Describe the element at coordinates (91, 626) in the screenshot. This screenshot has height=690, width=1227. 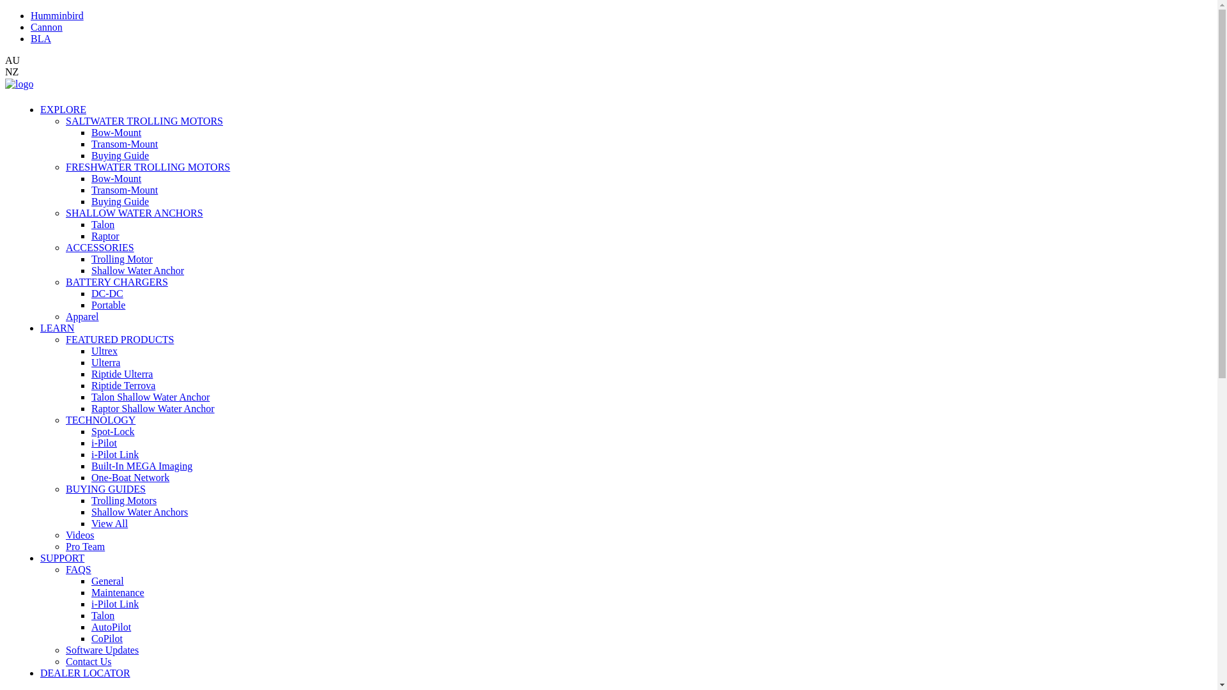
I see `'AutoPilot'` at that location.